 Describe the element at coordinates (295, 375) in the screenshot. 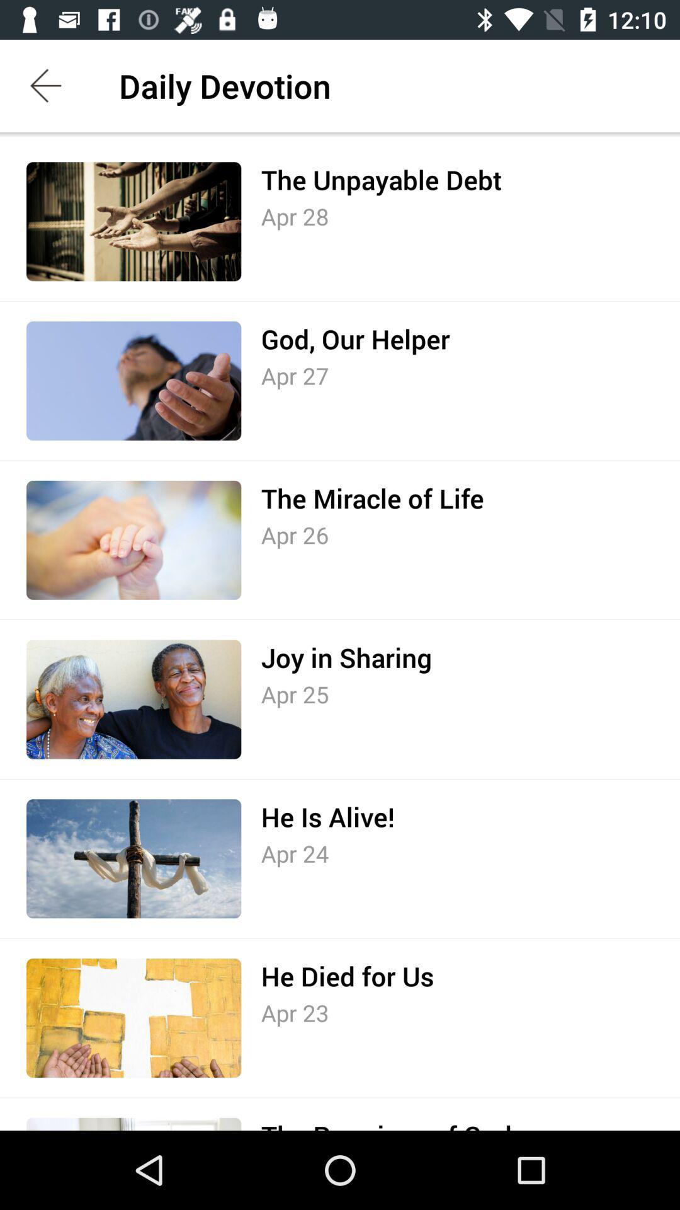

I see `the icon below god, our helper` at that location.